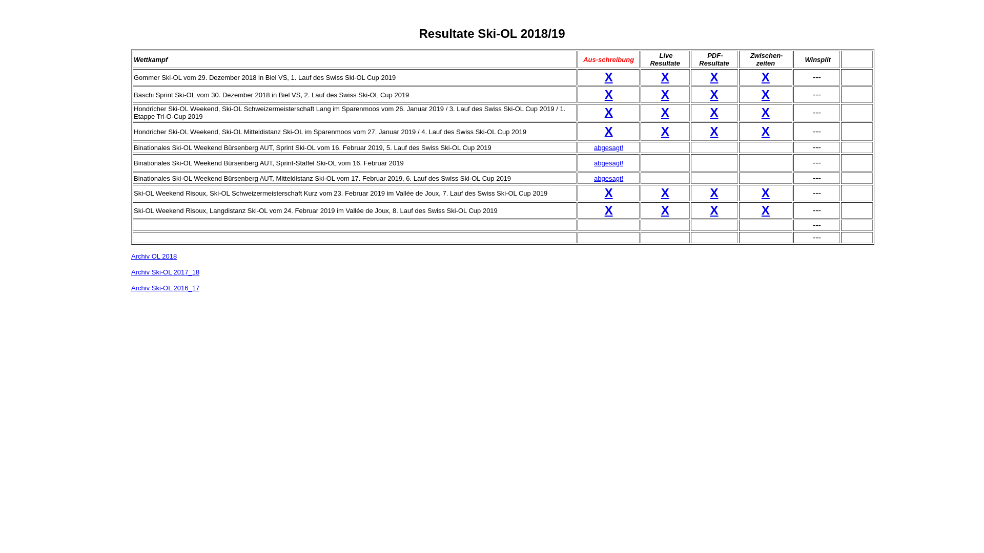 The width and height of the screenshot is (984, 553). I want to click on 'Archiv Ski-OL 2016_17', so click(130, 288).